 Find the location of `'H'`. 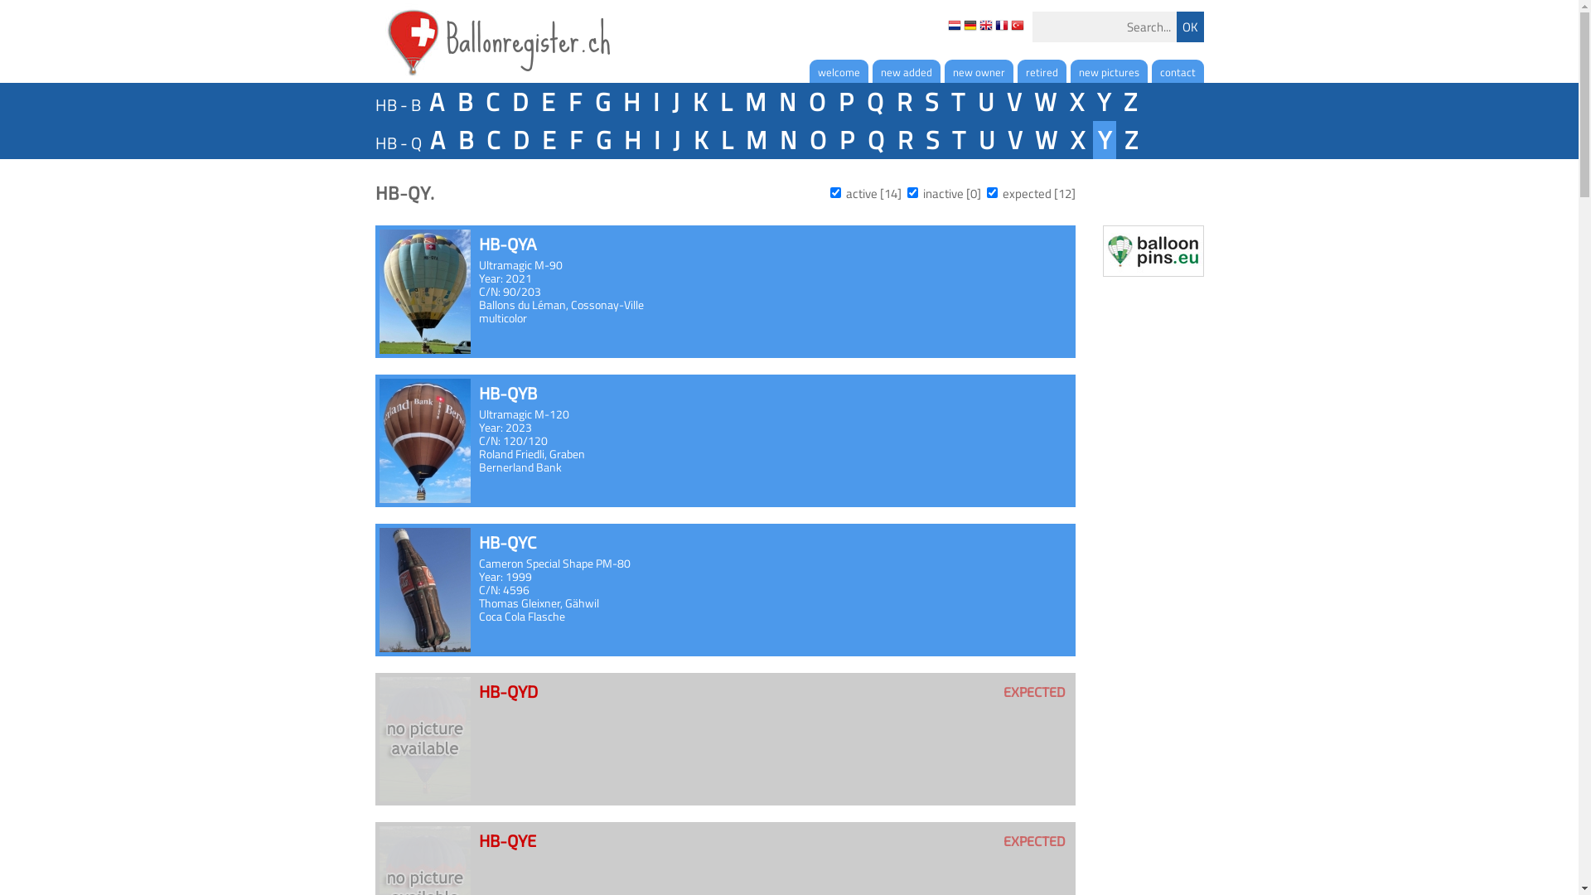

'H' is located at coordinates (631, 102).